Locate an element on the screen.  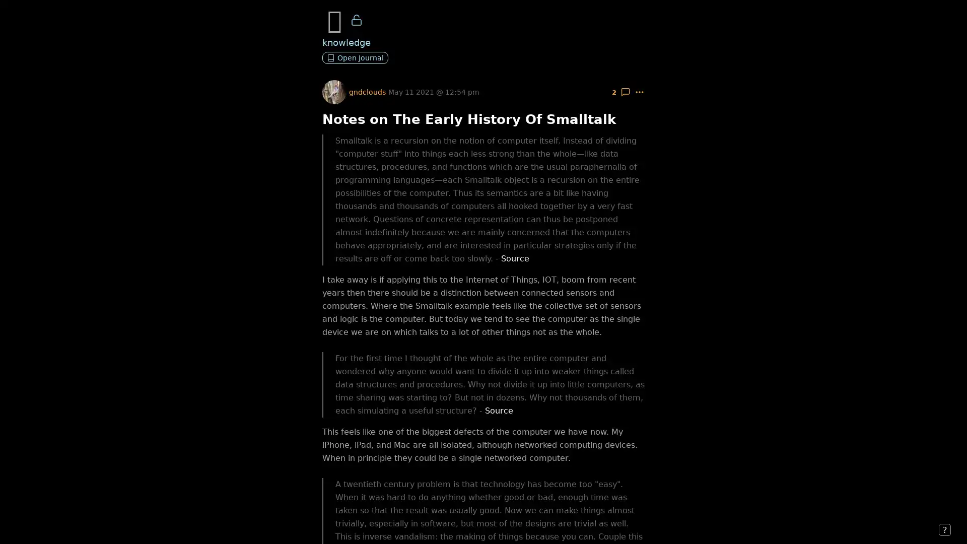
Open Journal is located at coordinates (355, 58).